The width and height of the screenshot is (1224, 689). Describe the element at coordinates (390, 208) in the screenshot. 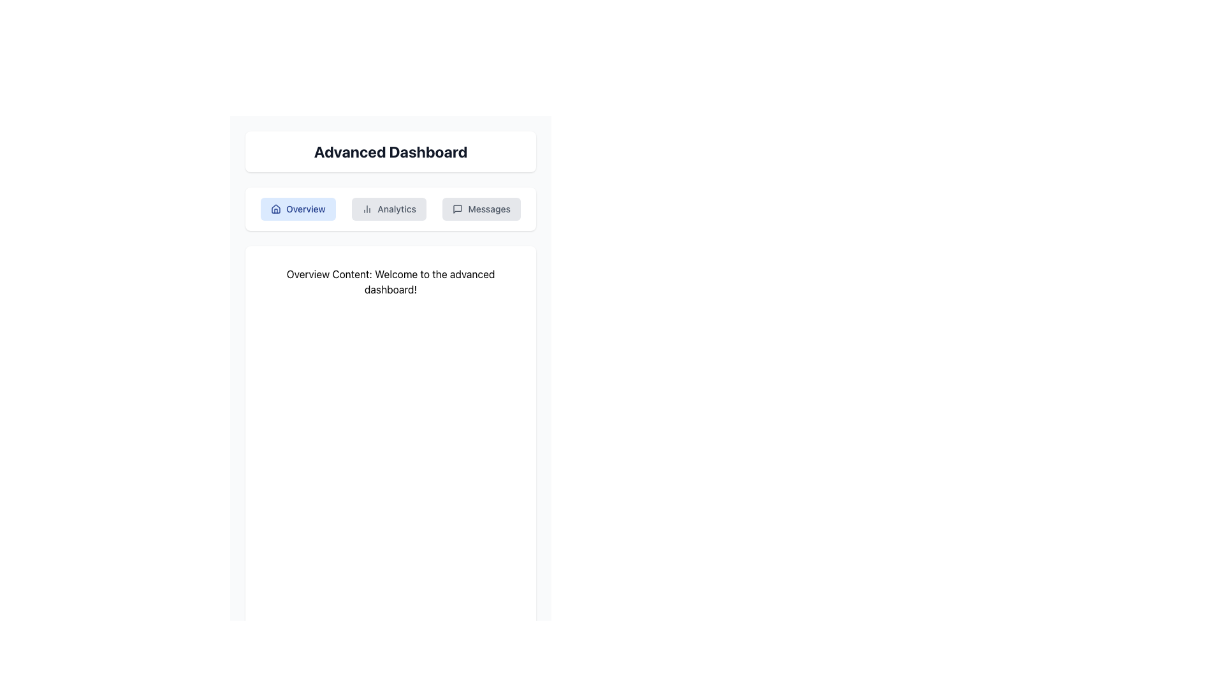

I see `the 'Analytics' button located under the 'Advanced Dashboard' header, positioned between 'Overview' and 'Messages' in the horizontal bar` at that location.